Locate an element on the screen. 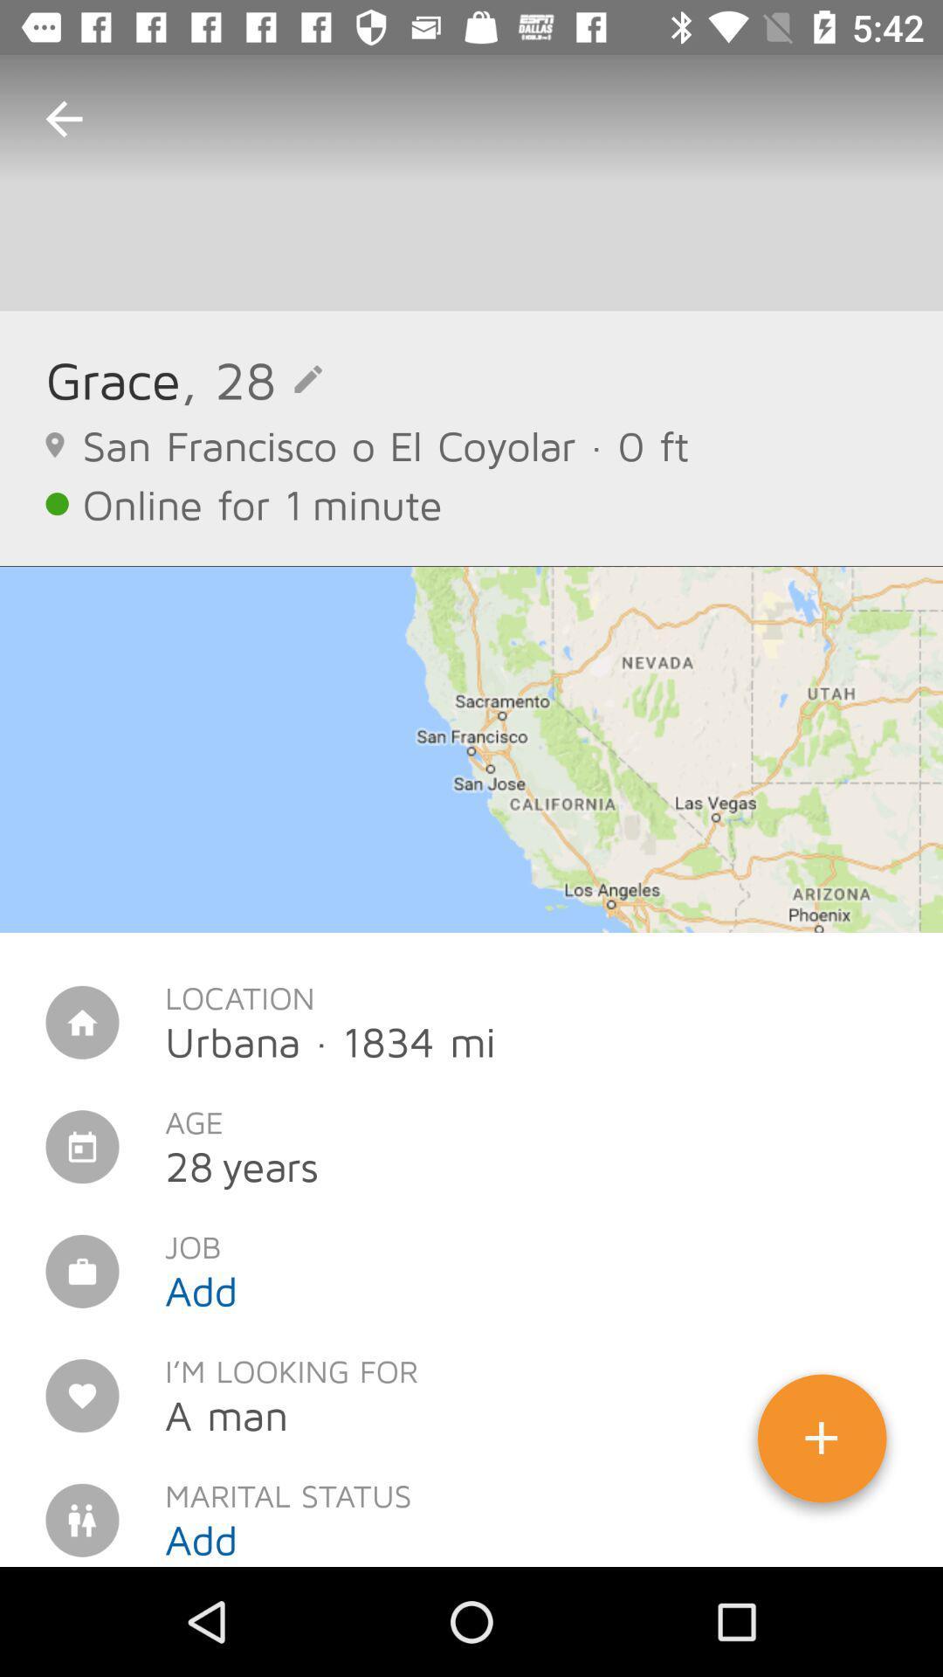 This screenshot has height=1677, width=943. the , 28 is located at coordinates (251, 378).